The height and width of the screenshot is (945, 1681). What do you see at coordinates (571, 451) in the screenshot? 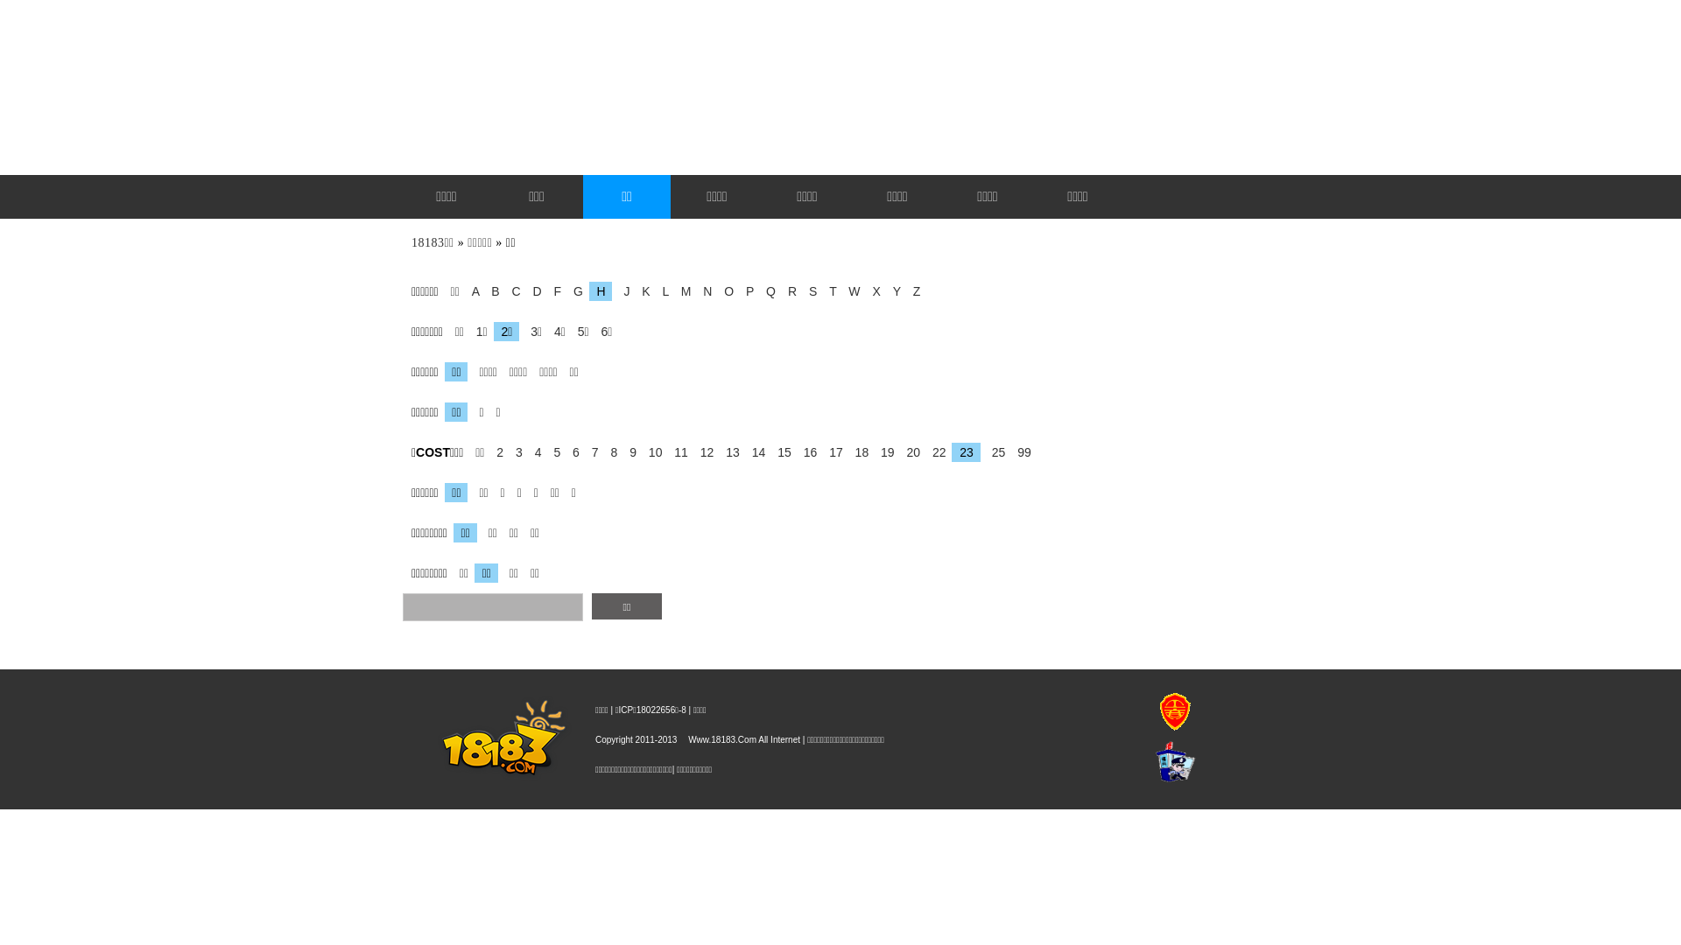
I see `'6'` at bounding box center [571, 451].